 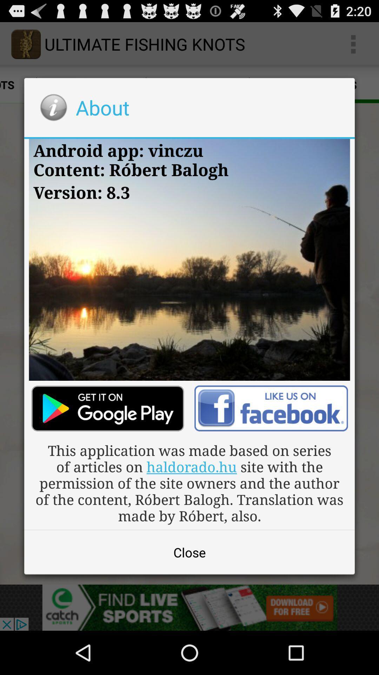 I want to click on the close item, so click(x=189, y=552).